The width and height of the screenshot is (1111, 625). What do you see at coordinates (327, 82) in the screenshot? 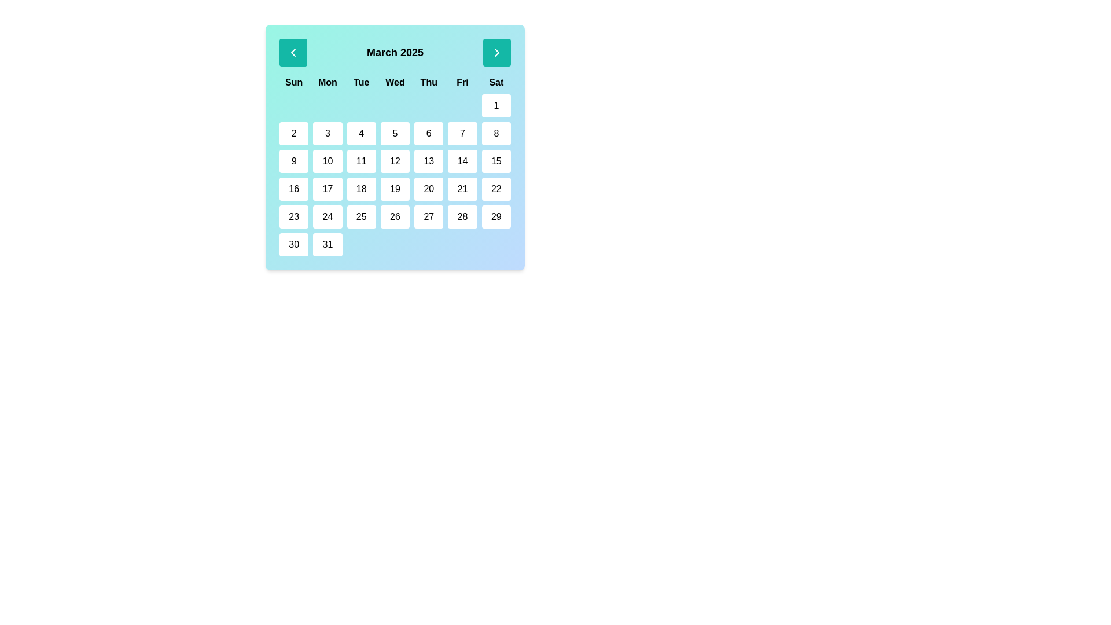
I see `the label displaying 'Mon' in bold, which is the second item in the top row of the calendar grid, located between 'Sun' and 'Tue'` at bounding box center [327, 82].